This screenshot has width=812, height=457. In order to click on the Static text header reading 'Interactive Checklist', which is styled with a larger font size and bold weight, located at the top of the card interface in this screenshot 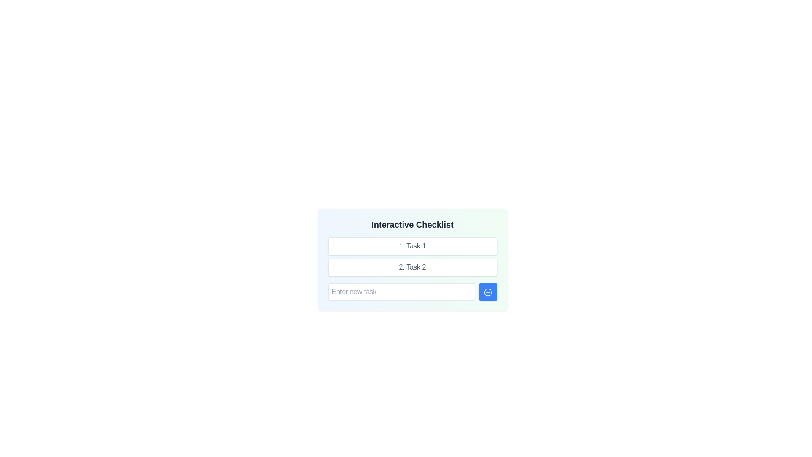, I will do `click(412, 224)`.